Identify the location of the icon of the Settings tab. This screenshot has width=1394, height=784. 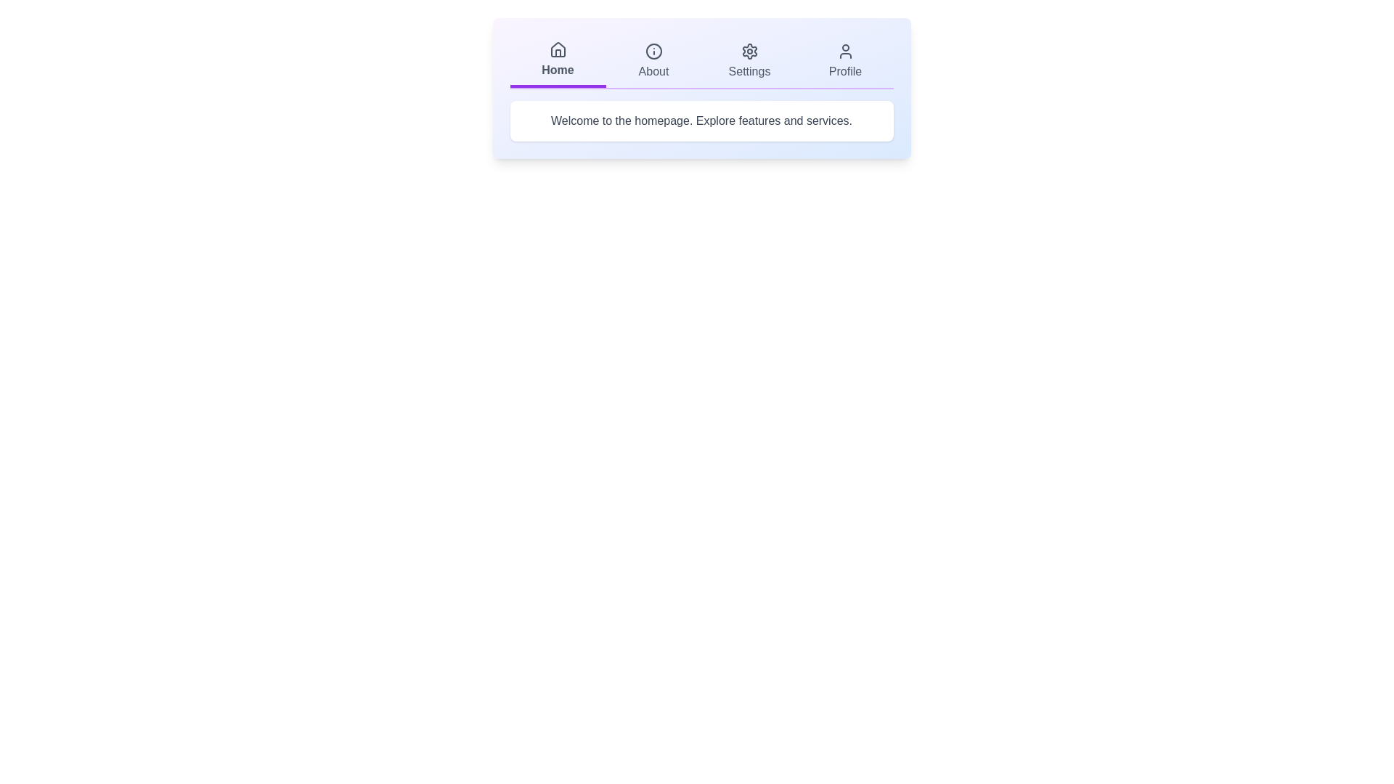
(749, 50).